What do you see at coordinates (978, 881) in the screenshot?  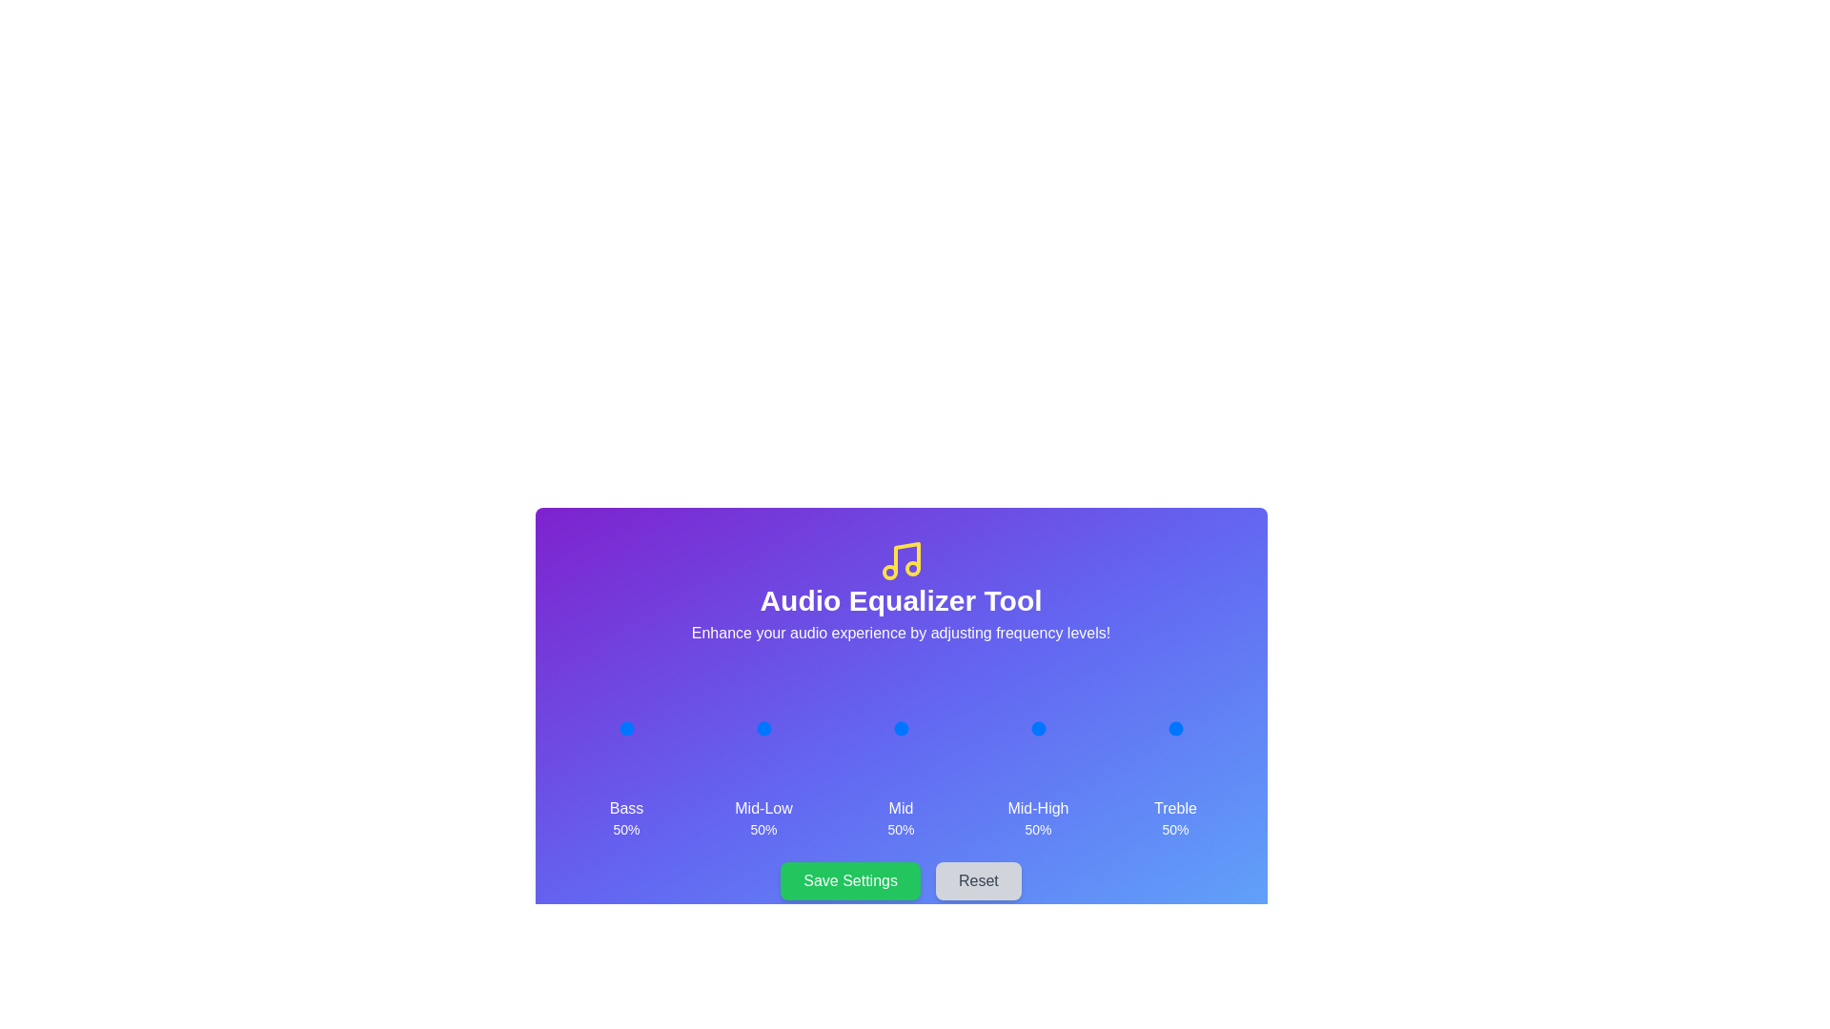 I see `'Reset' button to revert settings to default` at bounding box center [978, 881].